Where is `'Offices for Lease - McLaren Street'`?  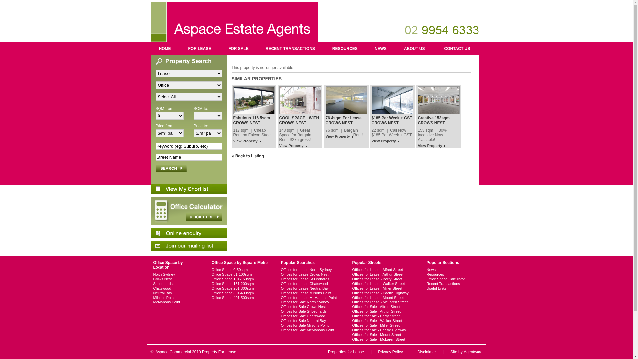
'Offices for Lease - McLaren Street' is located at coordinates (384, 302).